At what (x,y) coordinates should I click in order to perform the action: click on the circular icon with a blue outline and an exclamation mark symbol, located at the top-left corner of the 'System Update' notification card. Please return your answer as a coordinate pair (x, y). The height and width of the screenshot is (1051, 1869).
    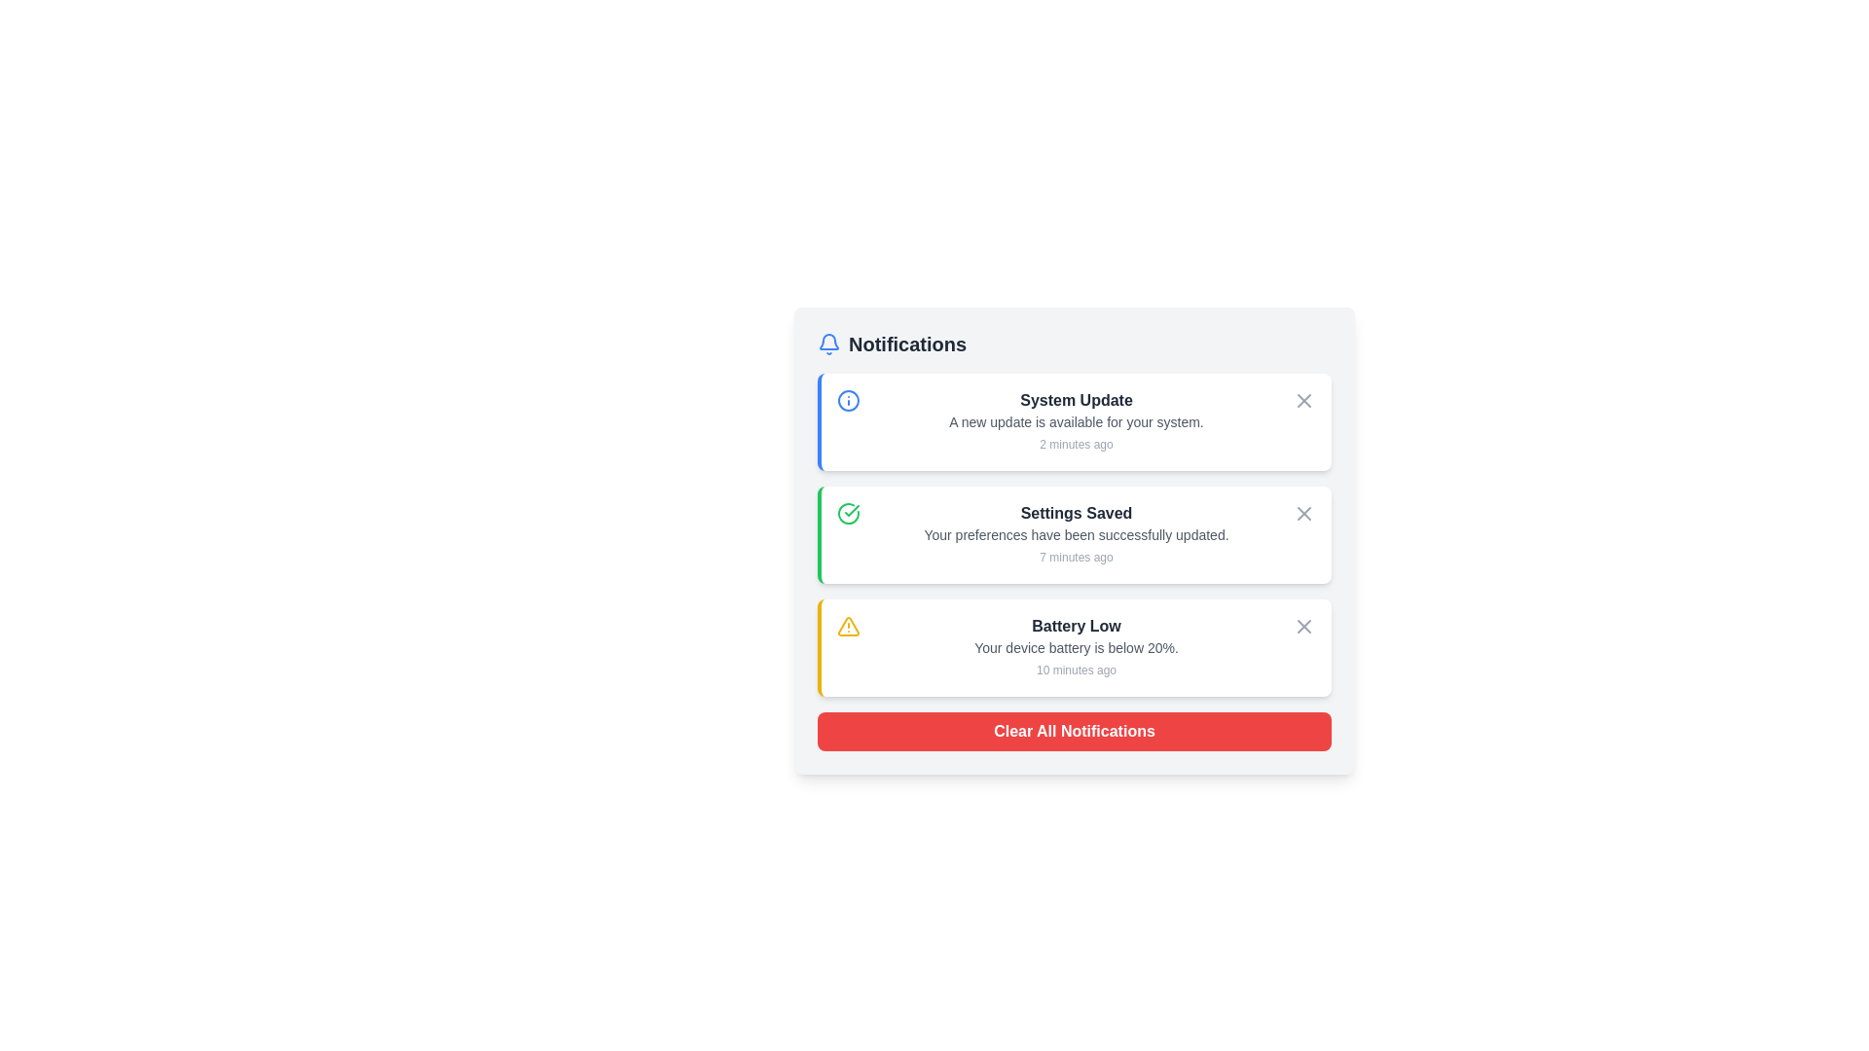
    Looking at the image, I should click on (849, 400).